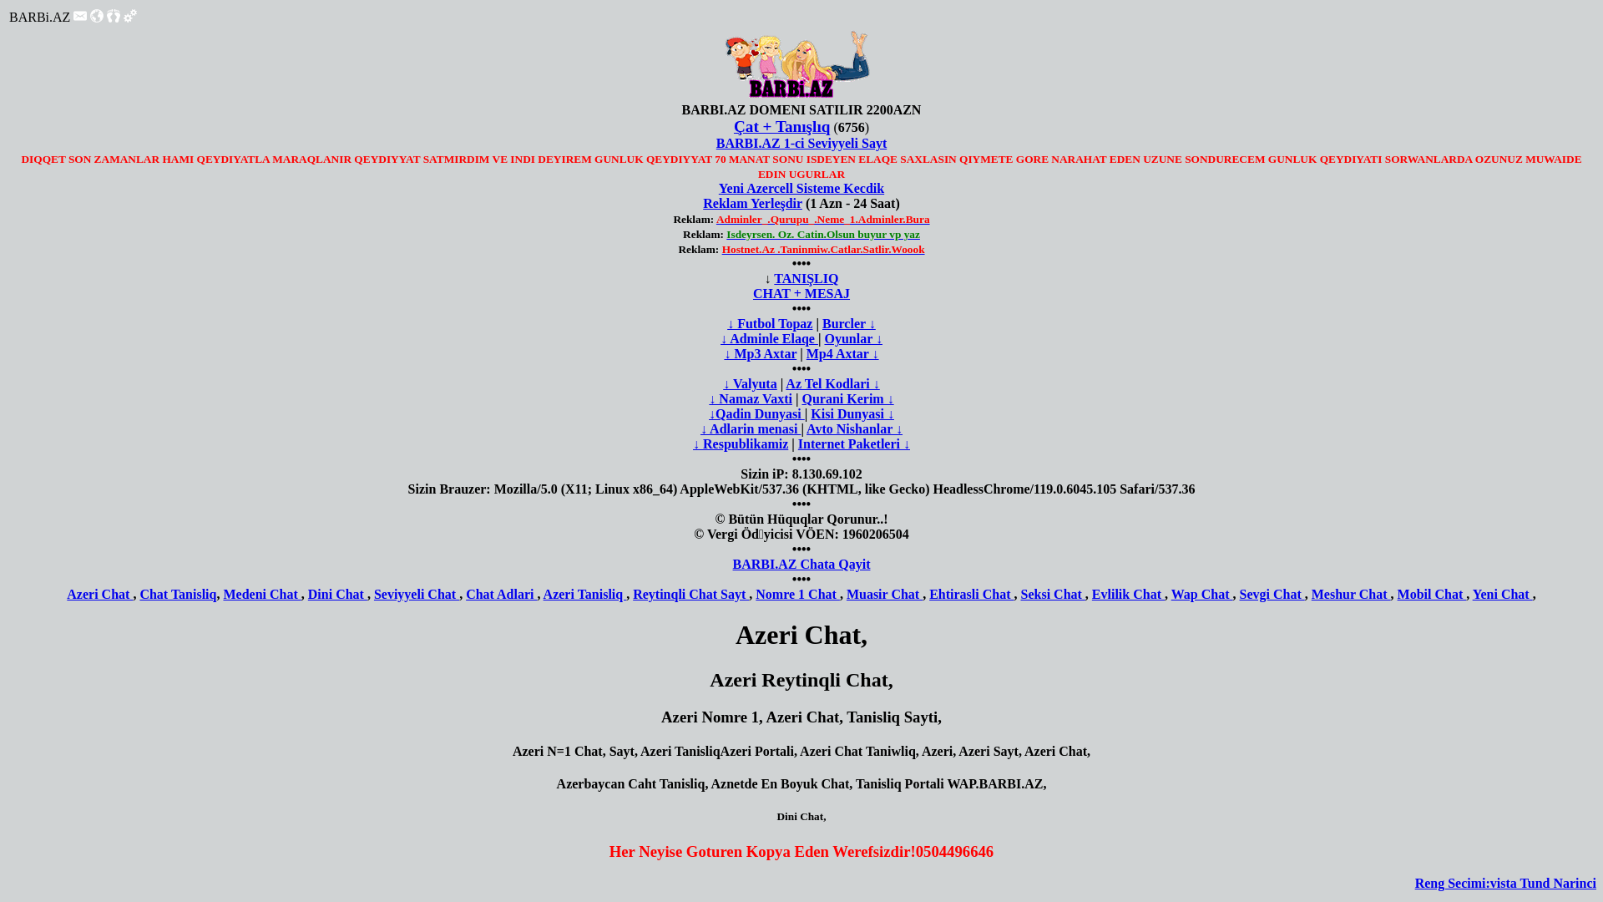 The image size is (1603, 902). I want to click on 'Ehtirasli Chat', so click(971, 593).